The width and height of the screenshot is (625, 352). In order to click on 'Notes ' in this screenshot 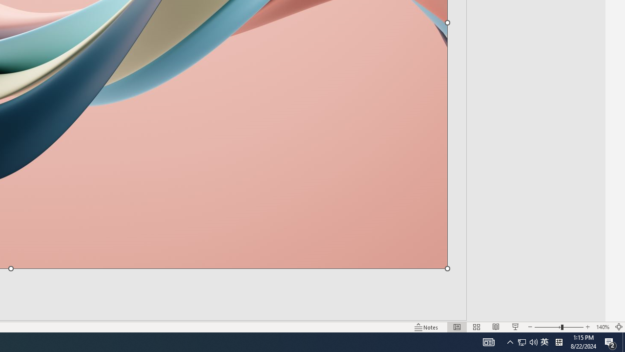, I will do `click(427, 327)`.